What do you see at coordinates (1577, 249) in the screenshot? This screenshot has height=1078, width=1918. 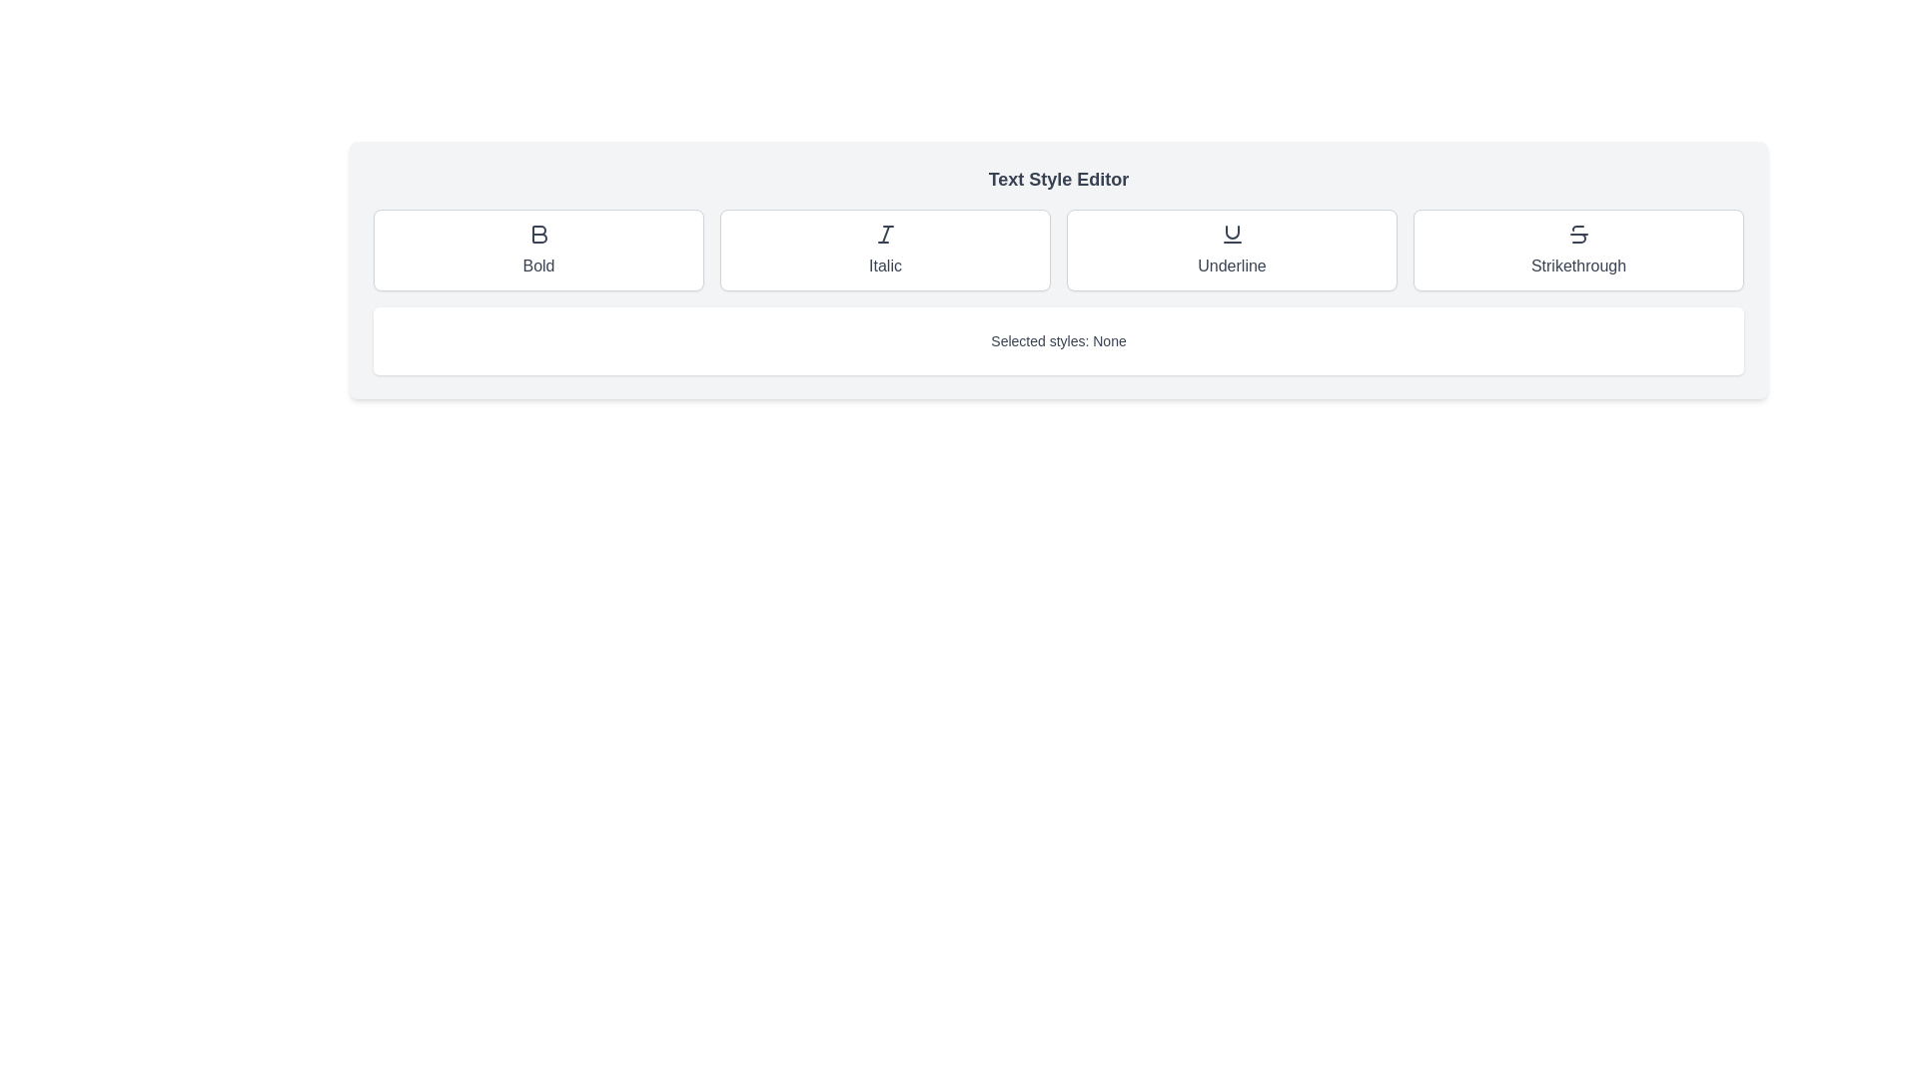 I see `the fourth button in the grid of text formatting options` at bounding box center [1577, 249].